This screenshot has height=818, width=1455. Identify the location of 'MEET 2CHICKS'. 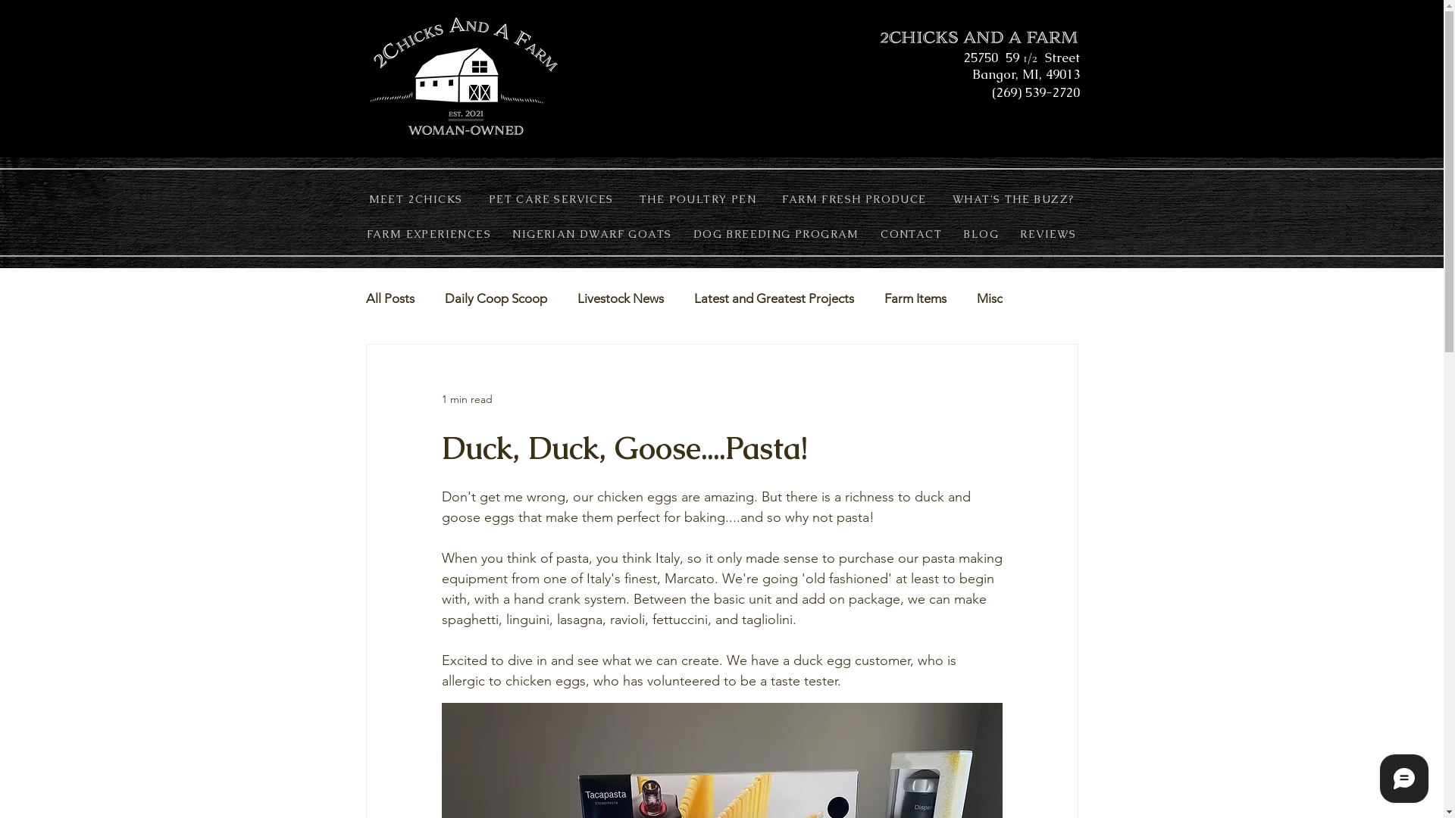
(356, 198).